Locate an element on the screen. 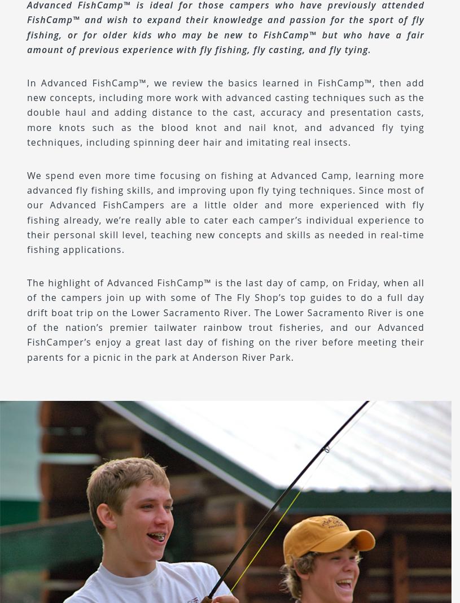  'and wish to expand their knowledge and passion for the sport of fly fishing, or for older kids who may be new to FishCamp™ but who have a fair amount of previous experience with fly fishing, fly casting, and fly tying.' is located at coordinates (27, 34).